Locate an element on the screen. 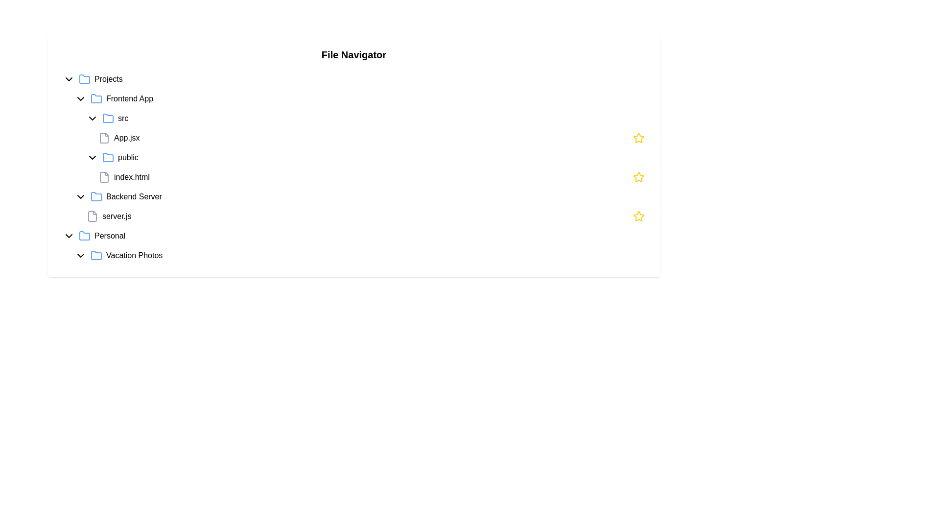  the file icon representing 'index.html' located is located at coordinates (104, 177).